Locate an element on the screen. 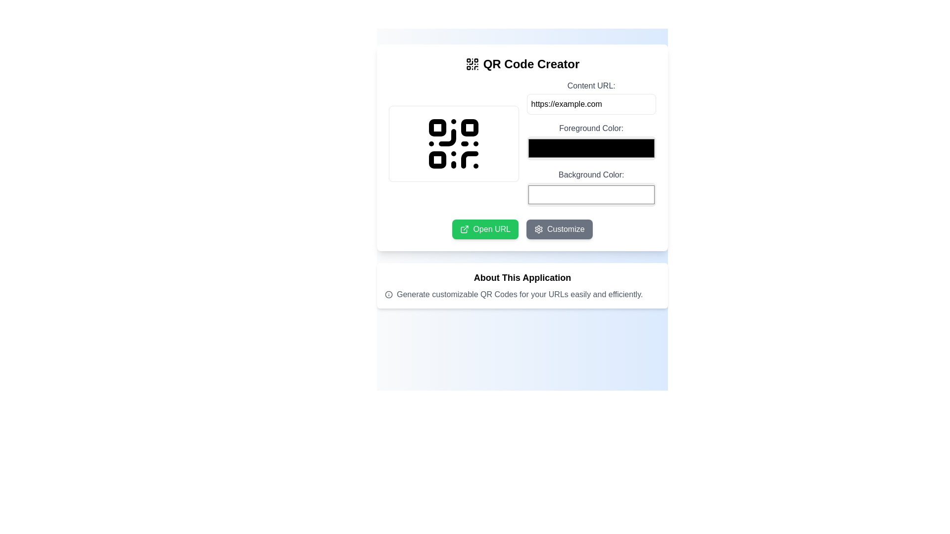 This screenshot has width=950, height=534. the gray cog-shaped icon located at the top center section of the application's interface is located at coordinates (538, 229).